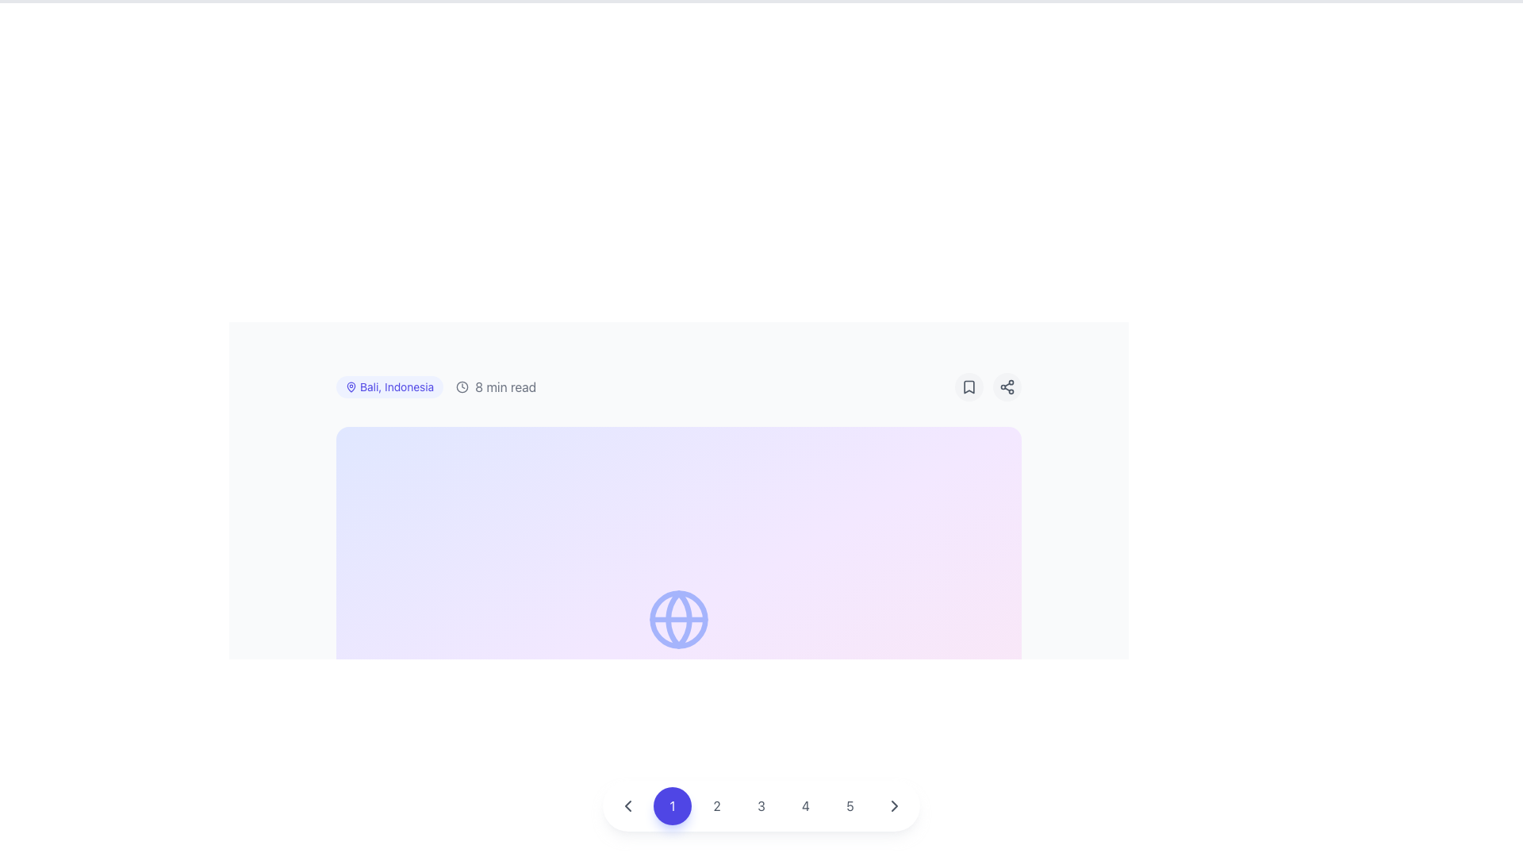 The width and height of the screenshot is (1523, 857). What do you see at coordinates (462, 387) in the screenshot?
I see `the SVG circle component of the illustrative clock icon, which is located slightly to the upper right quadrant of the interface, near textual information about an article location and duration` at bounding box center [462, 387].